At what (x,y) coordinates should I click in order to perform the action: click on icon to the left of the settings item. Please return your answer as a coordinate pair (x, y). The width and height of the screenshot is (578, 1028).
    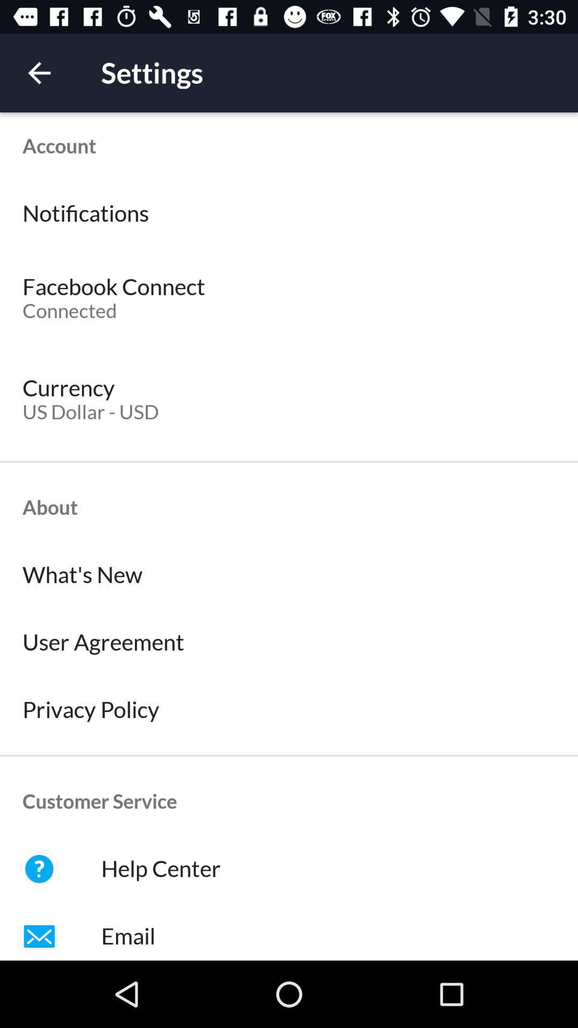
    Looking at the image, I should click on (39, 72).